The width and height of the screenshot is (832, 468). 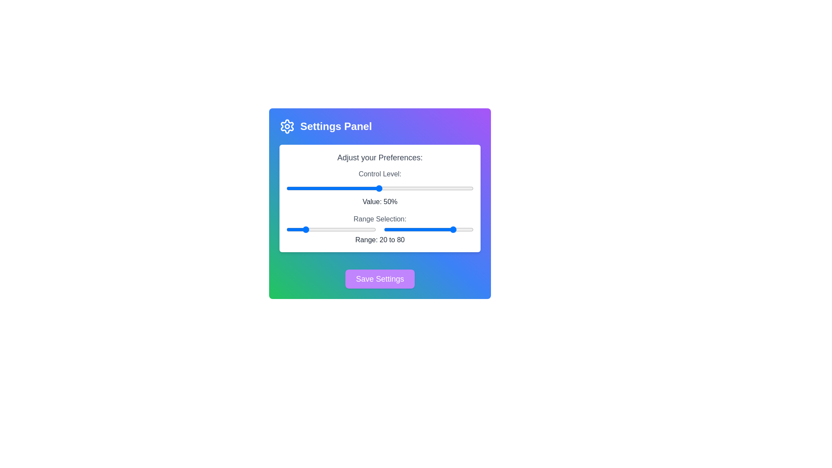 What do you see at coordinates (380, 188) in the screenshot?
I see `the slider component located below the title 'Adjust your Preferences:'` at bounding box center [380, 188].